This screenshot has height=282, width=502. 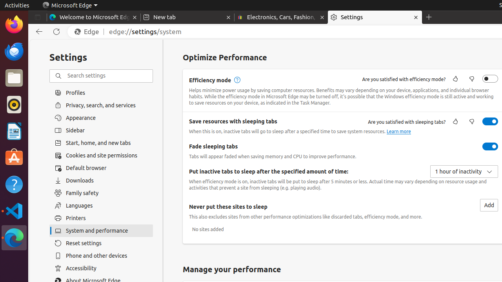 I want to click on 'Downloads', so click(x=101, y=181).